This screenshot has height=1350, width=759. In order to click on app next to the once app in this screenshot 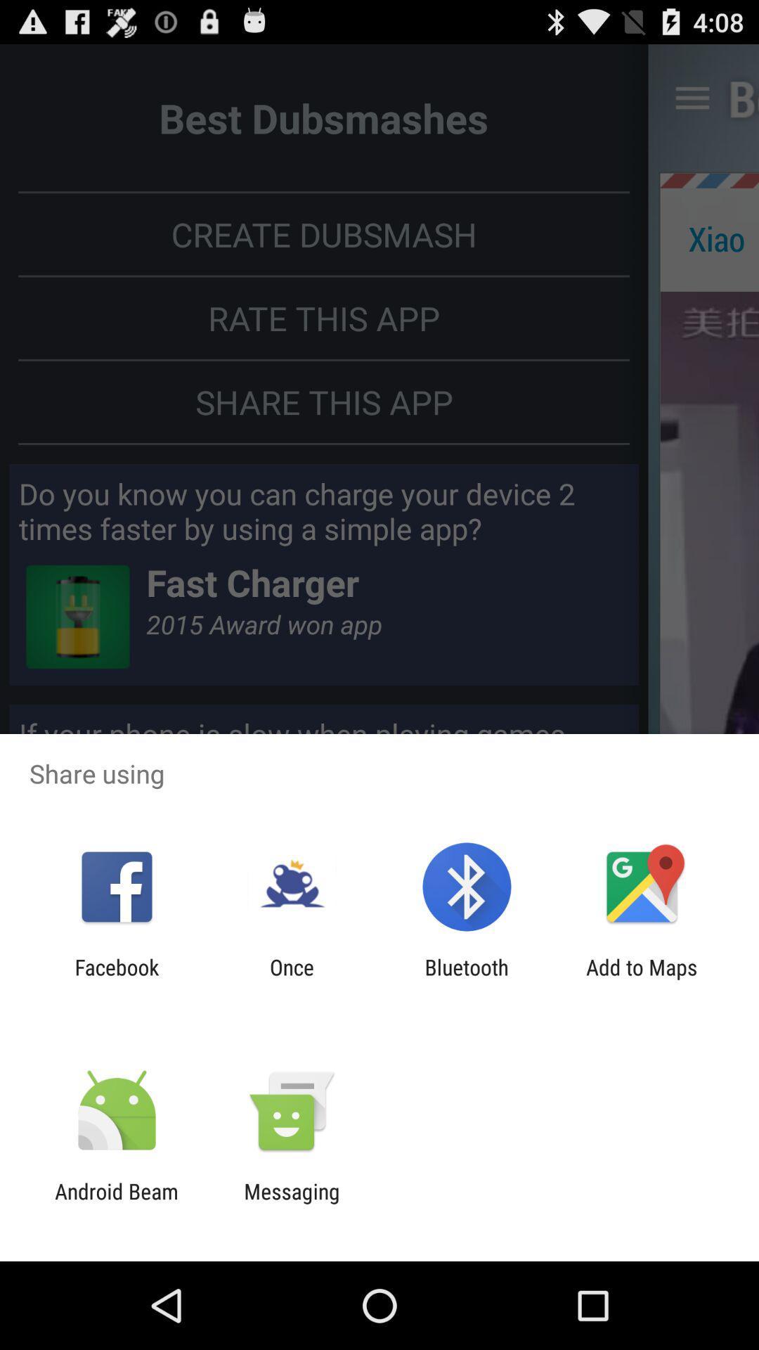, I will do `click(467, 979)`.